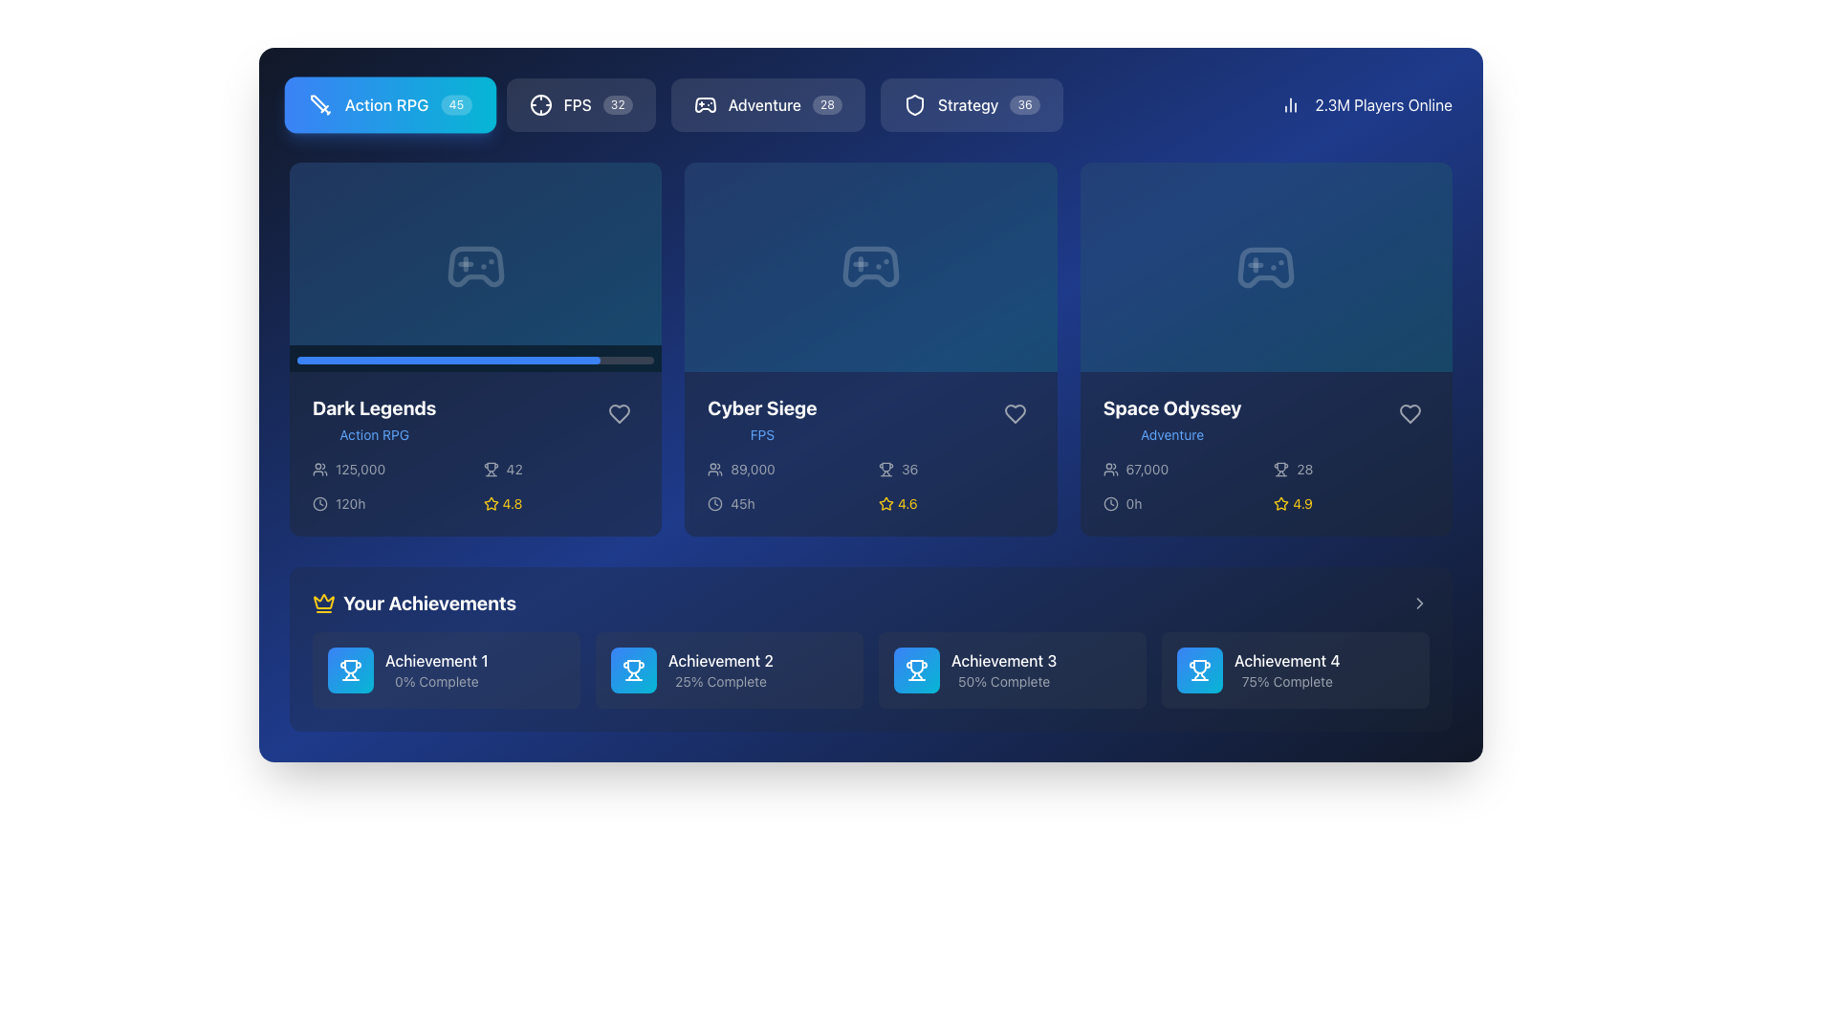  What do you see at coordinates (475, 267) in the screenshot?
I see `the game controller icon that is centrally located within the 'Dark Legends' game card, styled with a blue theme and white outlines` at bounding box center [475, 267].